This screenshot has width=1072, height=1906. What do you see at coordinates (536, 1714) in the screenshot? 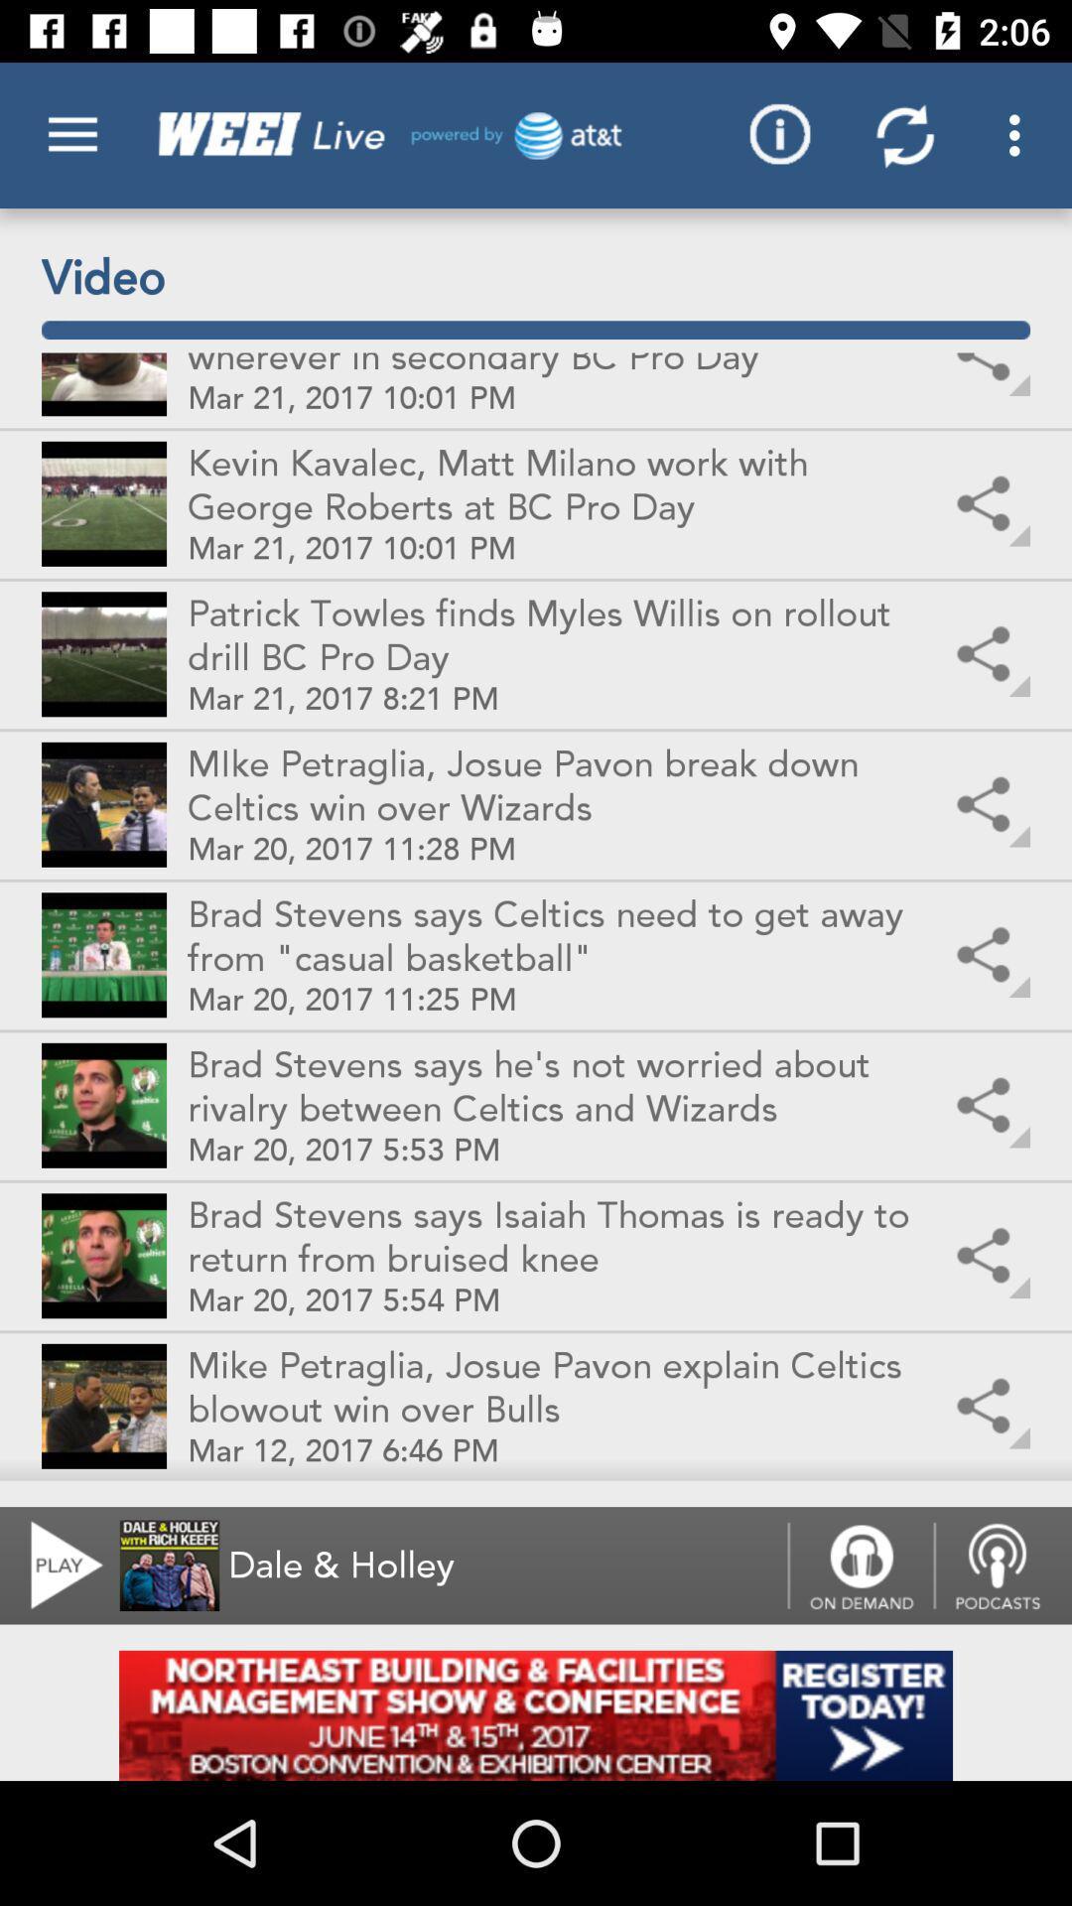
I see `the advertisement option` at bounding box center [536, 1714].